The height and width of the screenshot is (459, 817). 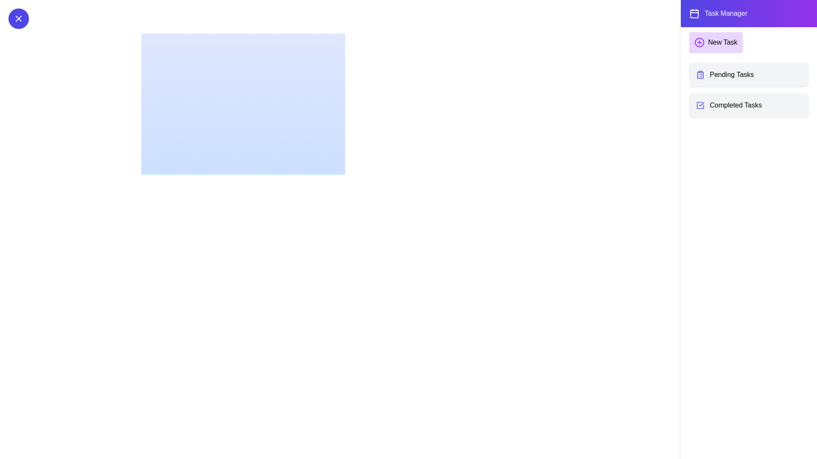 I want to click on the 'Pending Tasks' item to select it, so click(x=749, y=74).